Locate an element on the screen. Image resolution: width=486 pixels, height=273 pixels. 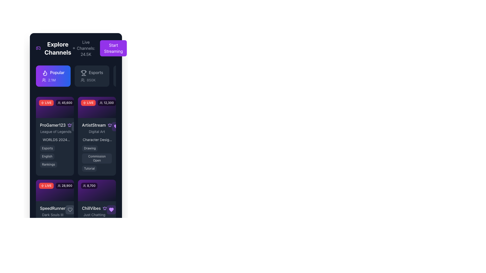
the crown icon located next to the 'ChillVibes' text in the bottom right section of the interface, which indicates a premium status is located at coordinates (104, 208).